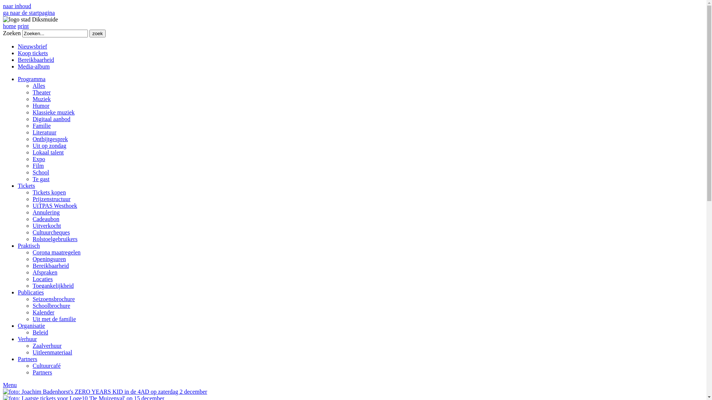 The width and height of the screenshot is (712, 400). Describe the element at coordinates (30, 292) in the screenshot. I see `'Publicaties'` at that location.